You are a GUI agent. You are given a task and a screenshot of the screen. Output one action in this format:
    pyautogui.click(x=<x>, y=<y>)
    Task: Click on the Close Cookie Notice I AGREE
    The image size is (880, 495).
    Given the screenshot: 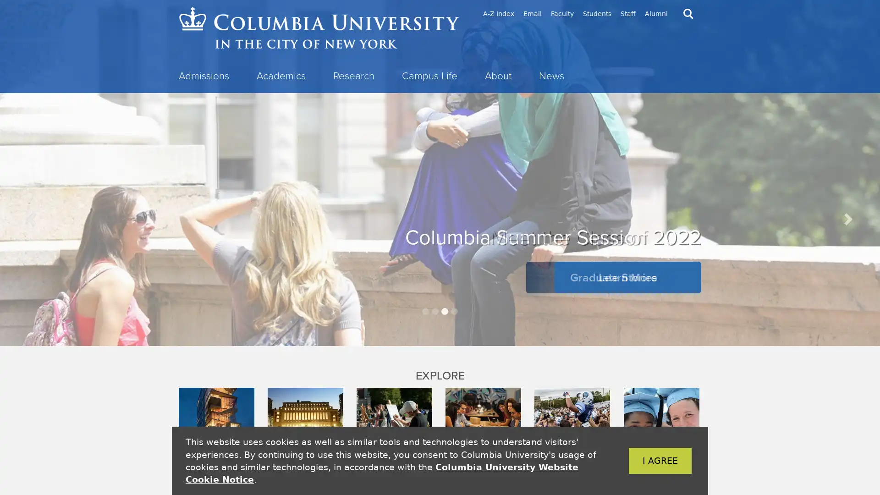 What is the action you would take?
    pyautogui.click(x=646, y=461)
    